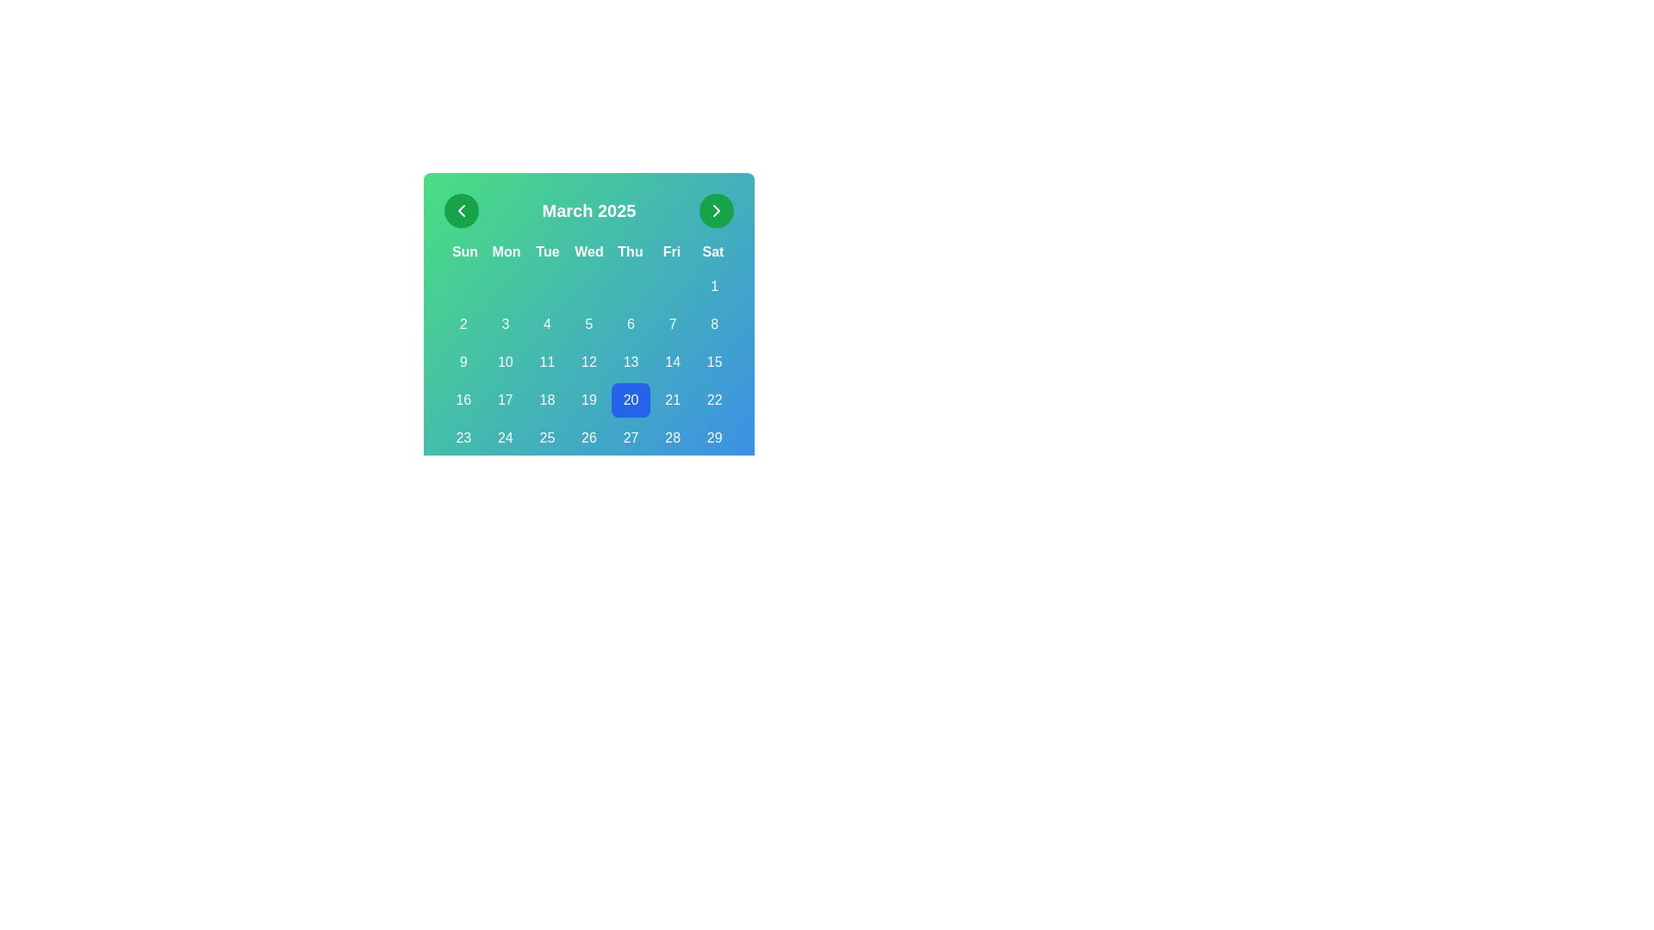  I want to click on the digit '8' button in the calendar interface located in the 7th column and 2nd row under the 'Sat' header, so click(714, 325).